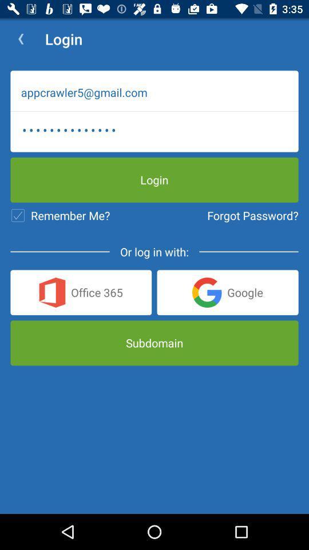 The width and height of the screenshot is (309, 550). Describe the element at coordinates (60, 215) in the screenshot. I see `the icon below appcrawler3116` at that location.